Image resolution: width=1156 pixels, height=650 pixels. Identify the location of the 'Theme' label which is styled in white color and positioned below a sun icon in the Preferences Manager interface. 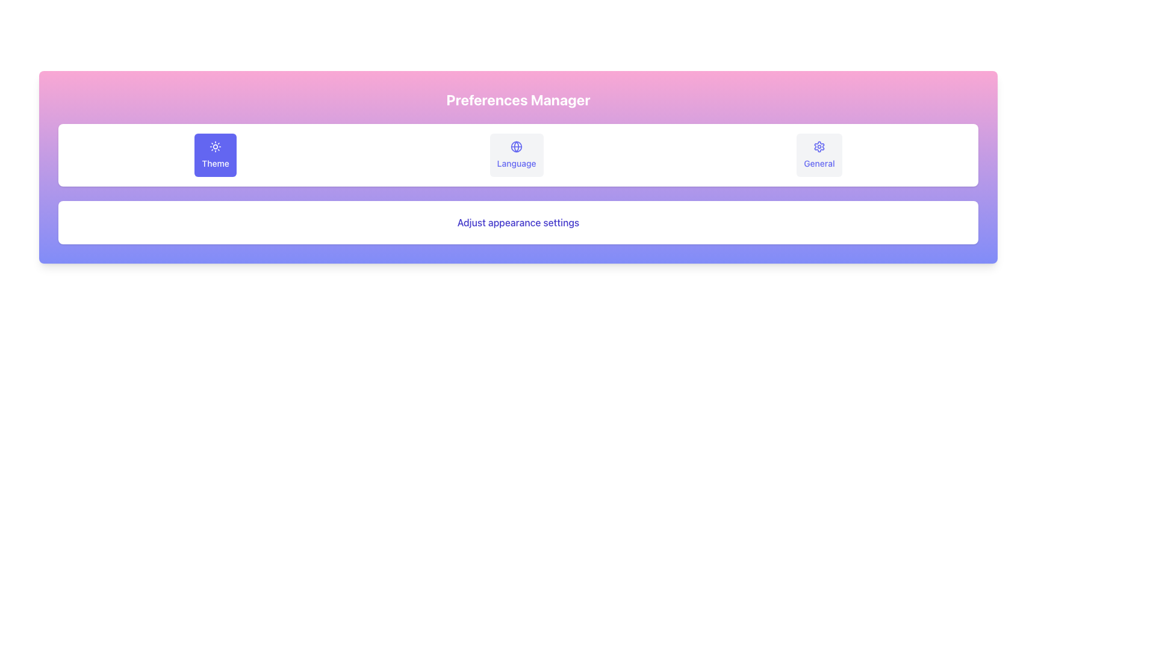
(216, 164).